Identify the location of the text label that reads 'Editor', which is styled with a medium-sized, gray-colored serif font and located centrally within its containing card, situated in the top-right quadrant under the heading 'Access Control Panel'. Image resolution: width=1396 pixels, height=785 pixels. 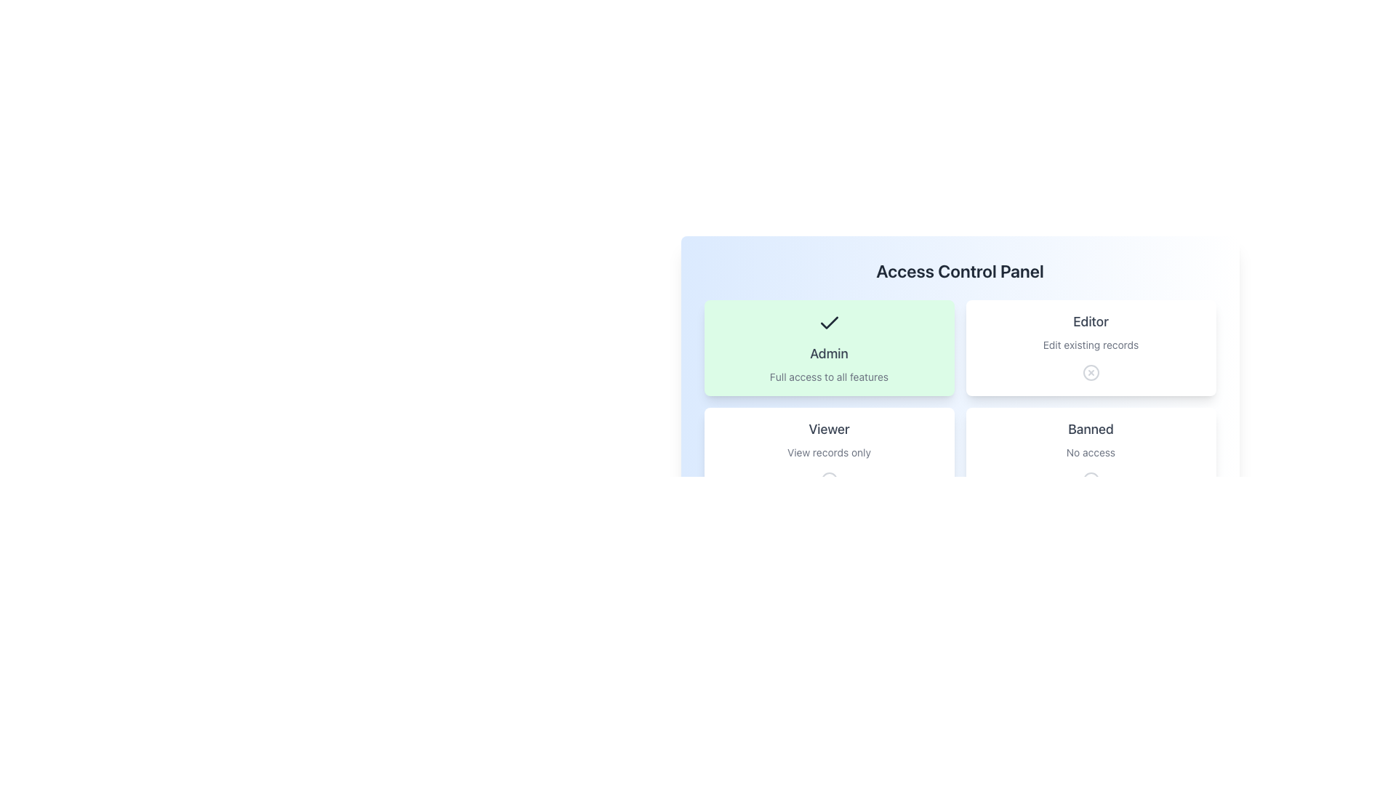
(1091, 321).